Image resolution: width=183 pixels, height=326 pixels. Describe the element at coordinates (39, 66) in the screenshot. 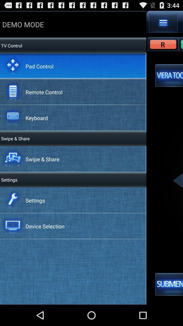

I see `item below demo mode app` at that location.